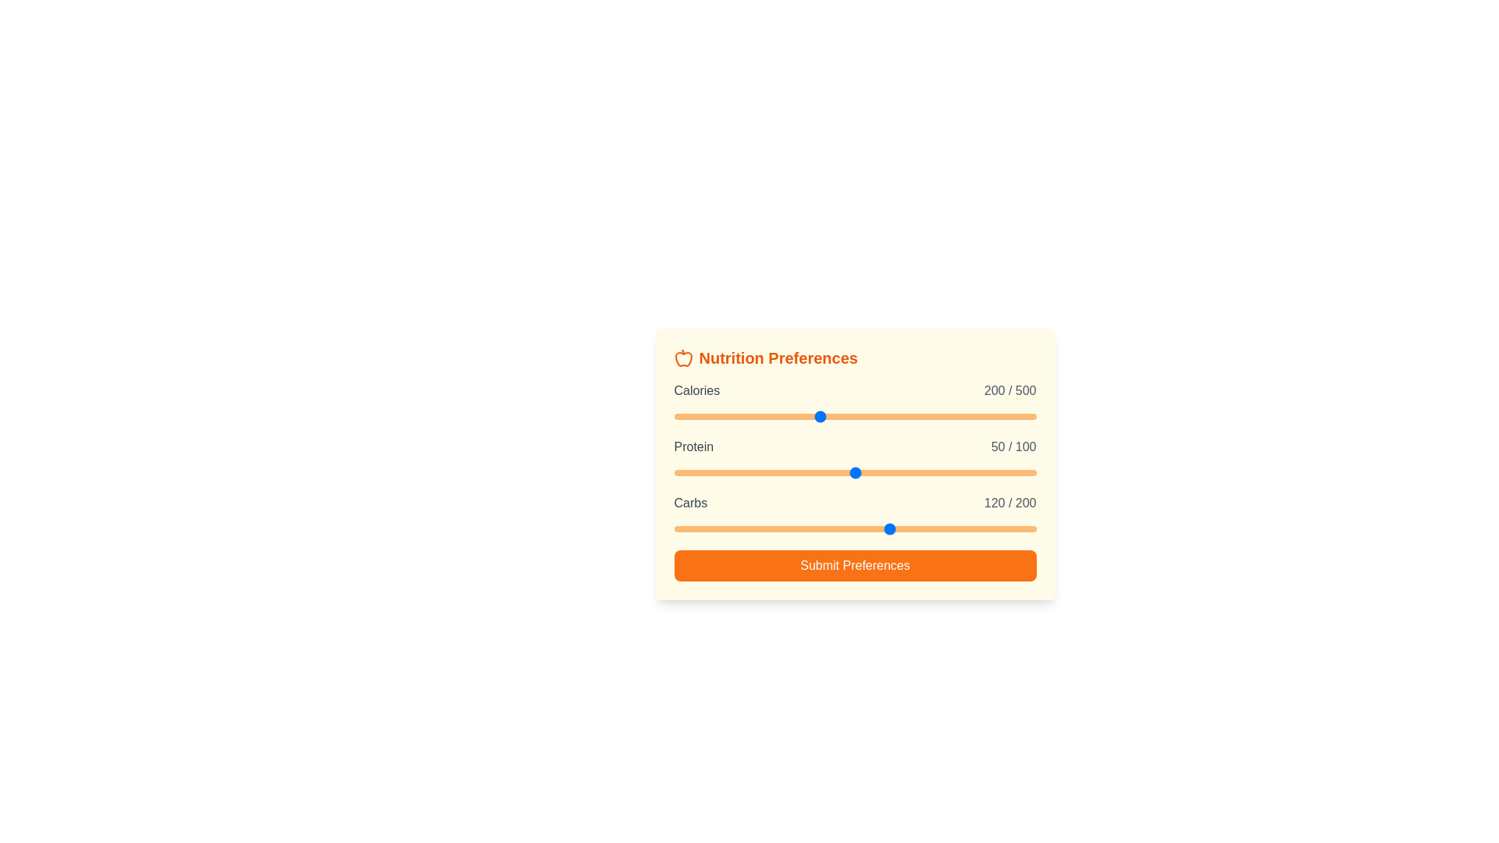 The height and width of the screenshot is (843, 1499). I want to click on calorie intake, so click(693, 415).